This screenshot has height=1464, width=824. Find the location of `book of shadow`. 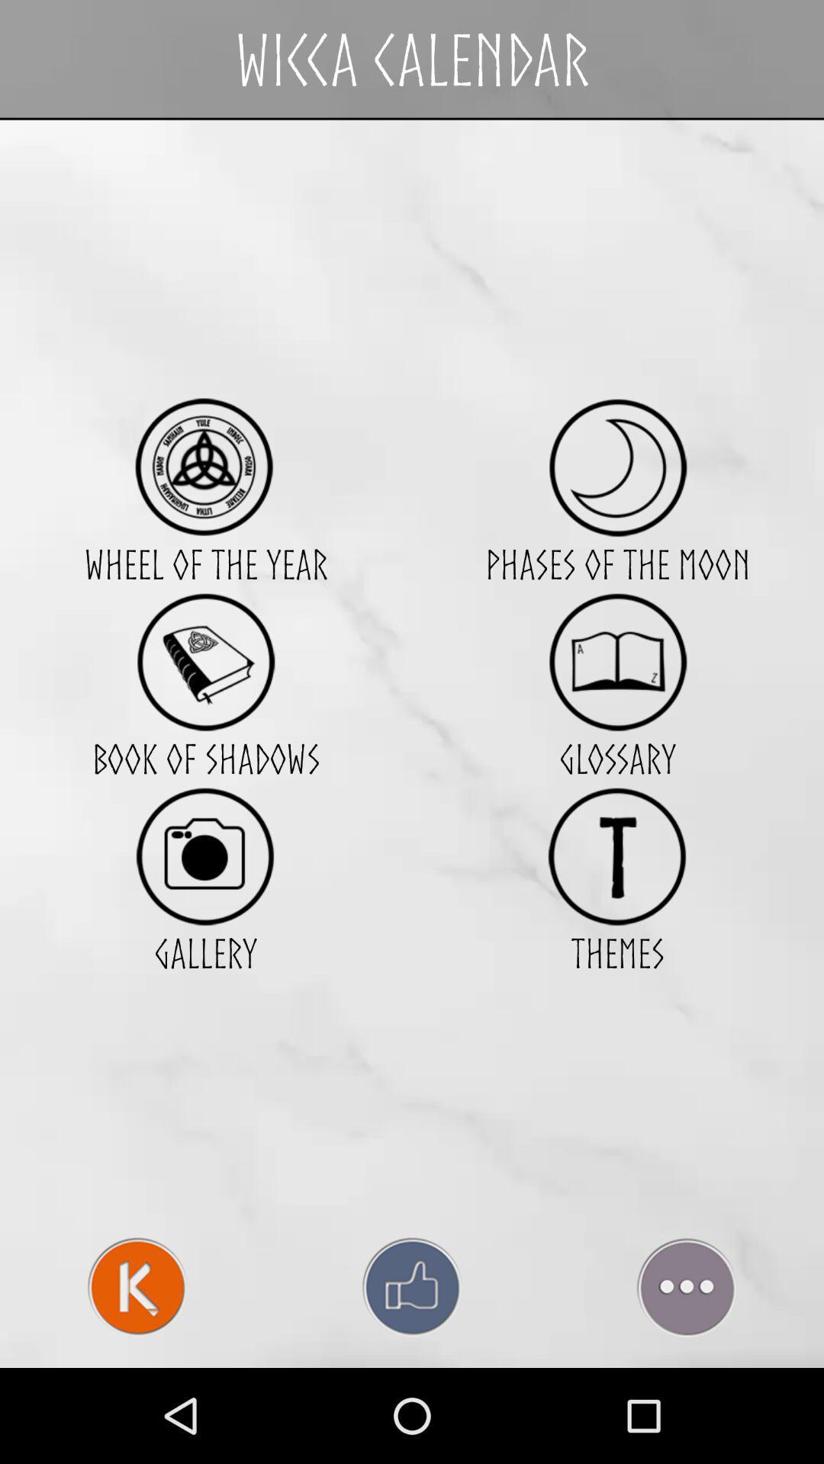

book of shadow is located at coordinates (204, 662).